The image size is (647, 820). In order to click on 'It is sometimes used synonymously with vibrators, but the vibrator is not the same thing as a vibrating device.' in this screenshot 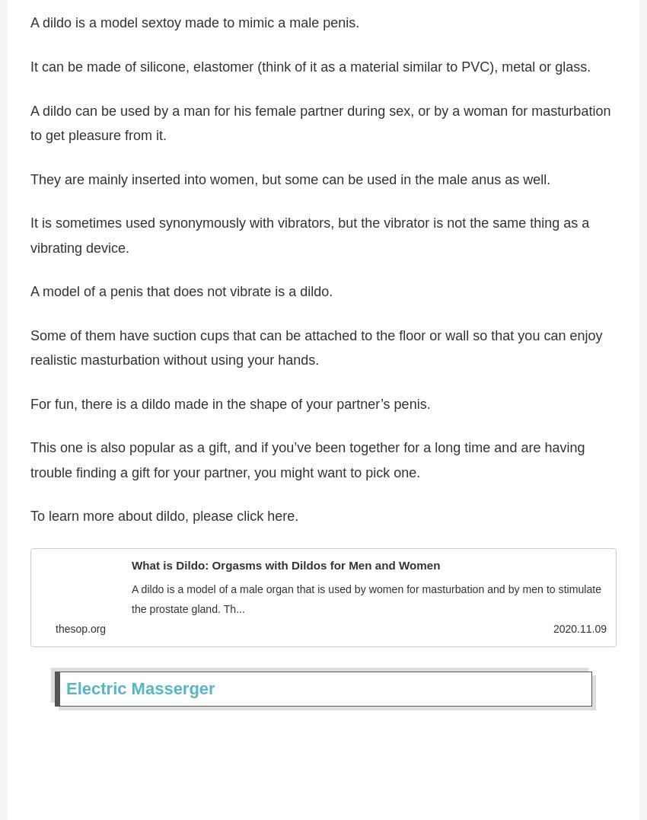, I will do `click(309, 241)`.